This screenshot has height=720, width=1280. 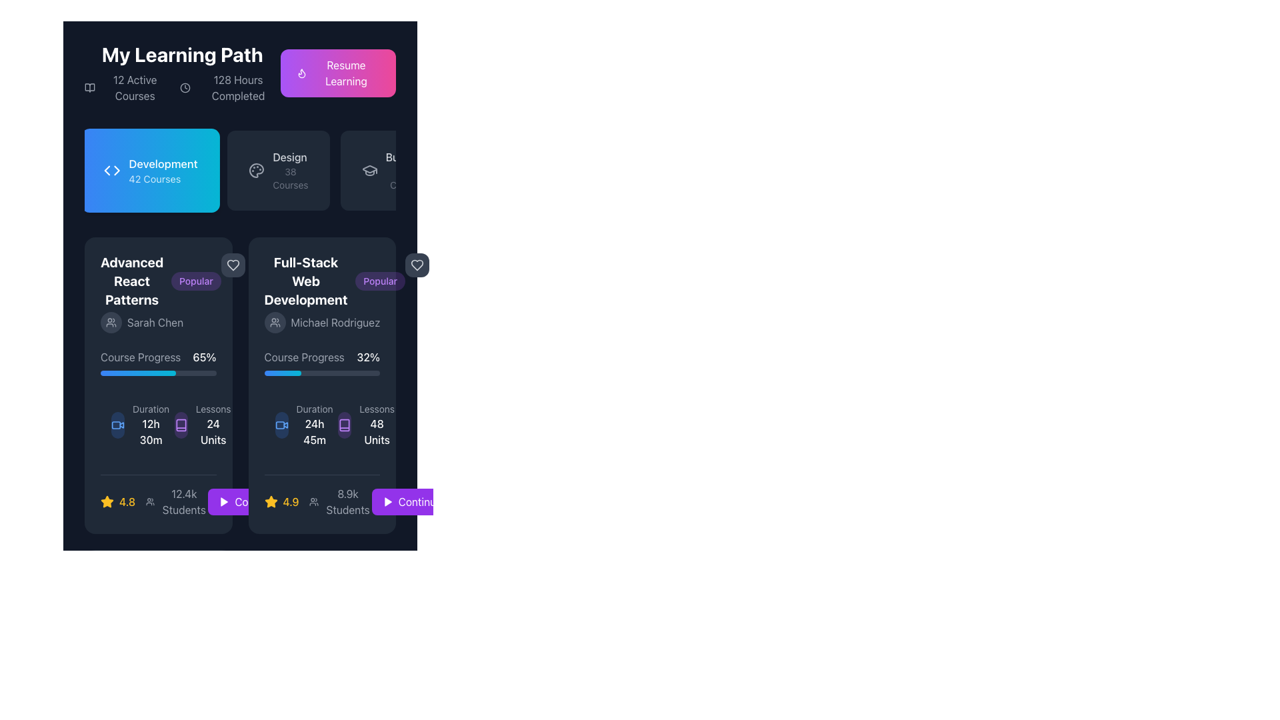 I want to click on the text '32%' displayed in white color on a dark background, indicating course progress, located on the right side of a card layout under 'Course Progress', so click(x=368, y=357).